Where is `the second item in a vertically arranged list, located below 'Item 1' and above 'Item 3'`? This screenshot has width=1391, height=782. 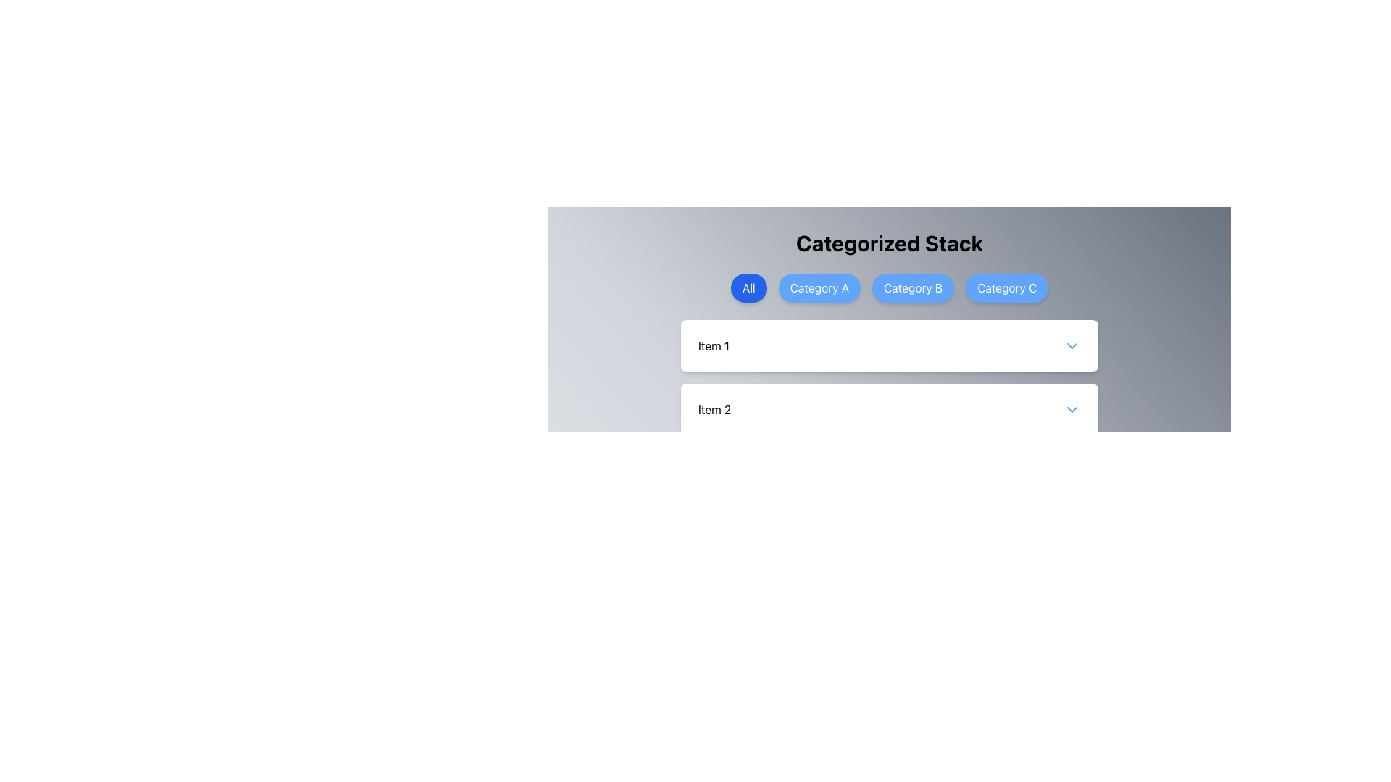
the second item in a vertically arranged list, located below 'Item 1' and above 'Item 3' is located at coordinates (889, 410).